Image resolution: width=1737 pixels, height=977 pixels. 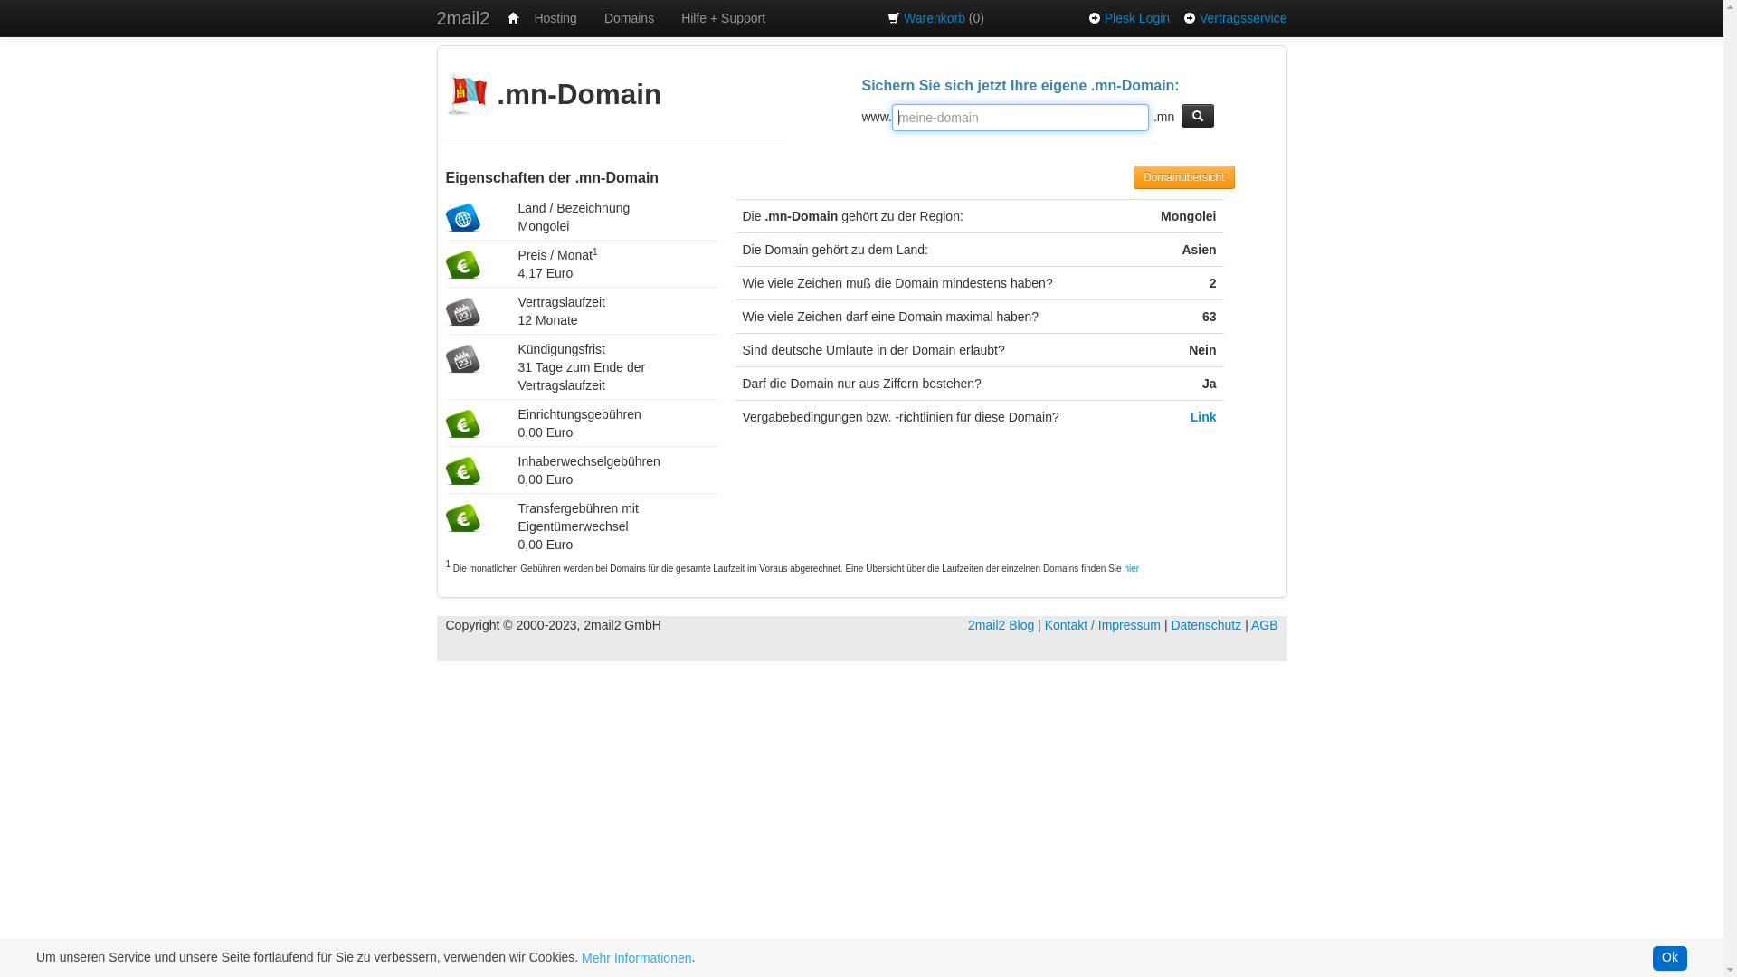 I want to click on 'Hilfe + Support', so click(x=722, y=17).